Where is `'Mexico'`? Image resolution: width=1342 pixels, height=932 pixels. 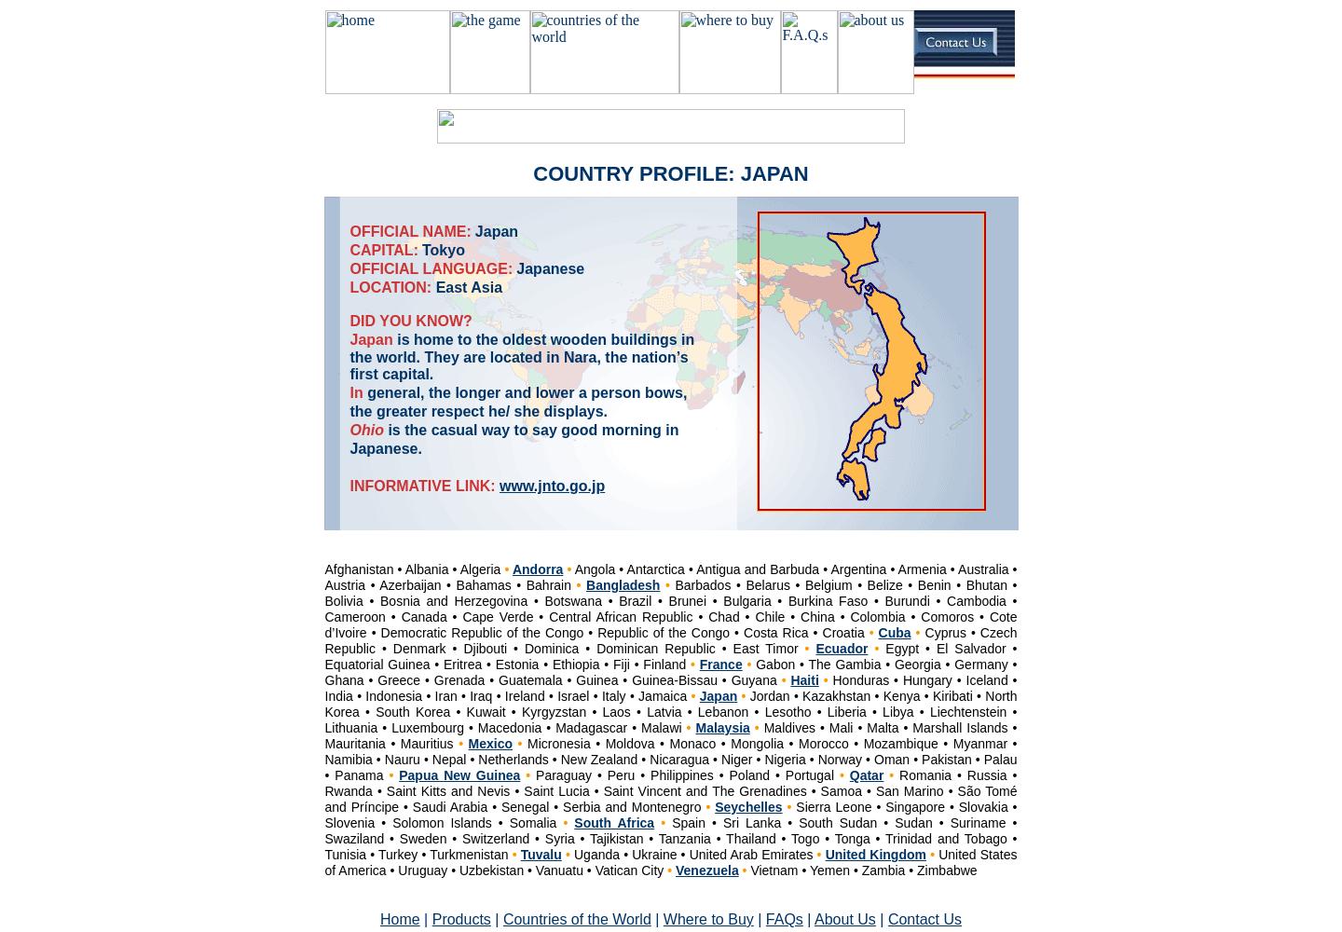 'Mexico' is located at coordinates (489, 744).